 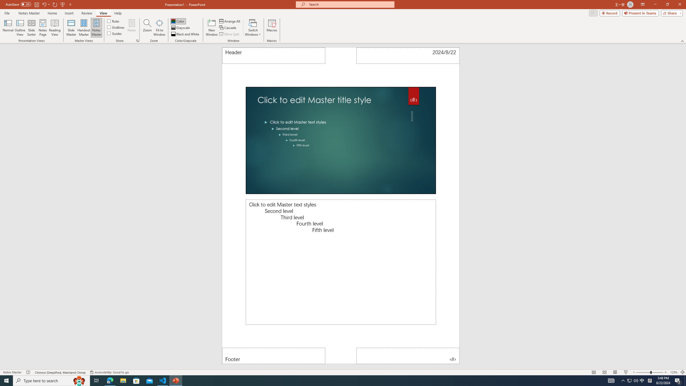 What do you see at coordinates (178, 21) in the screenshot?
I see `'Color'` at bounding box center [178, 21].